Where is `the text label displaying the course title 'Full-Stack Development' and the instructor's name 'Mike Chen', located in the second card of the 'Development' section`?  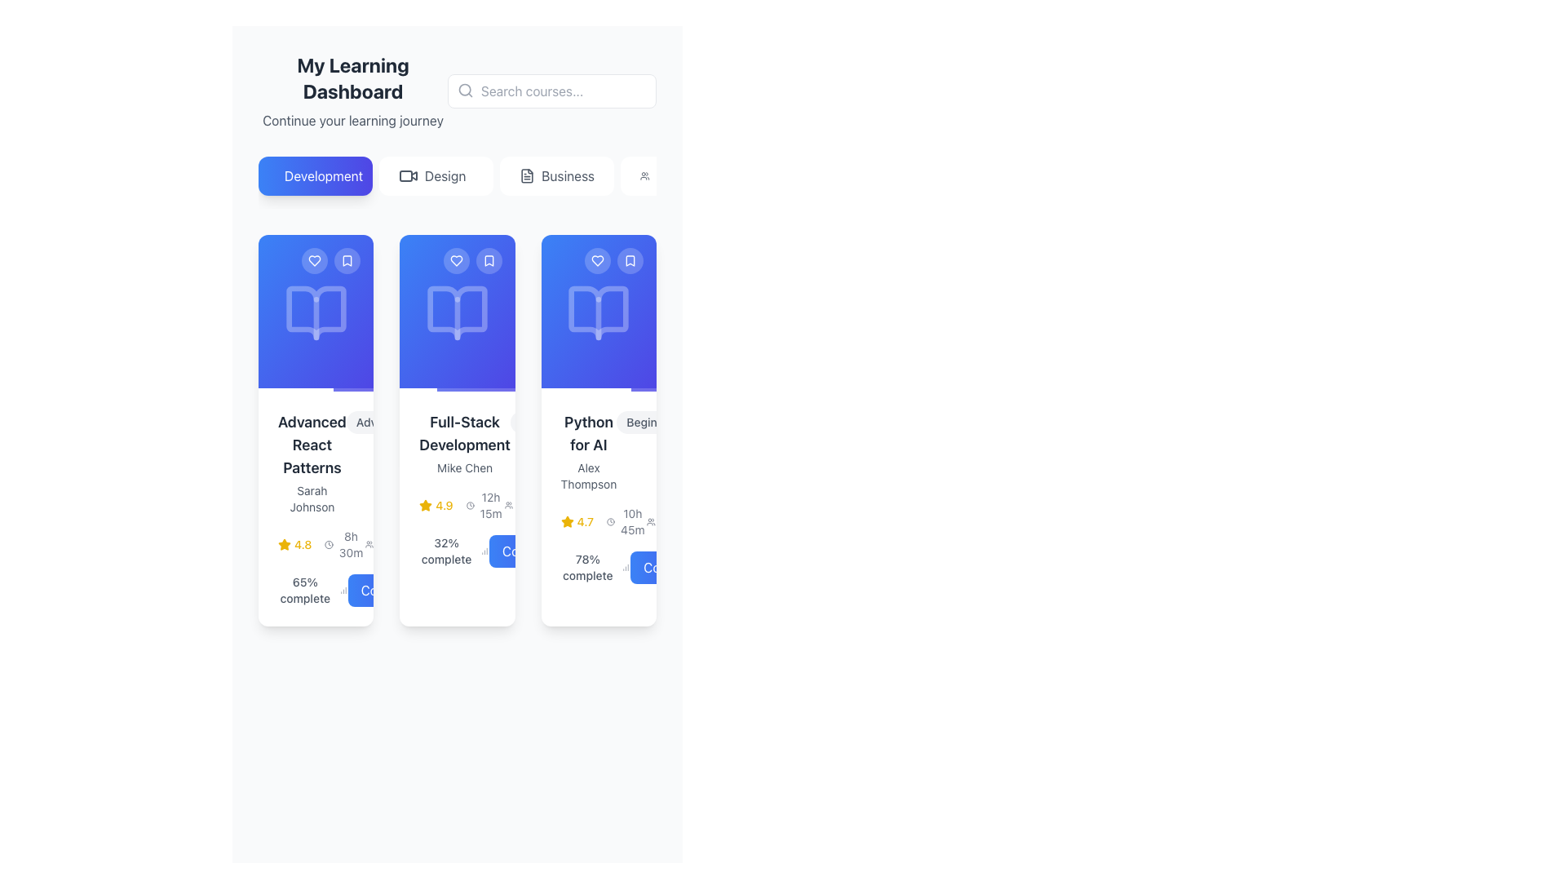
the text label displaying the course title 'Full-Stack Development' and the instructor's name 'Mike Chen', located in the second card of the 'Development' section is located at coordinates (457, 443).